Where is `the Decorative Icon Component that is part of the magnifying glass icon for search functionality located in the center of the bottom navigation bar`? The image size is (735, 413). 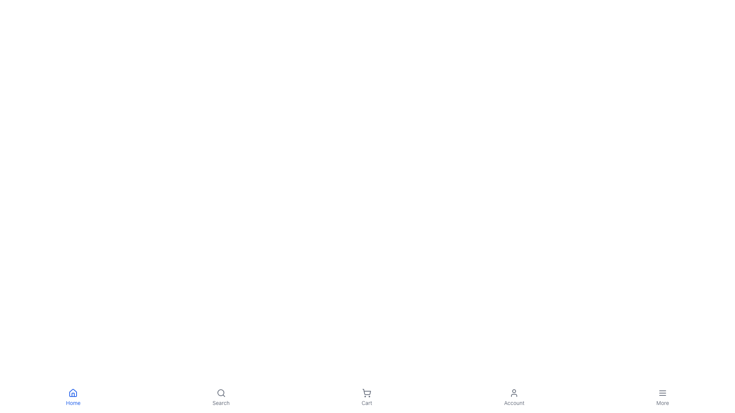 the Decorative Icon Component that is part of the magnifying glass icon for search functionality located in the center of the bottom navigation bar is located at coordinates (220, 392).